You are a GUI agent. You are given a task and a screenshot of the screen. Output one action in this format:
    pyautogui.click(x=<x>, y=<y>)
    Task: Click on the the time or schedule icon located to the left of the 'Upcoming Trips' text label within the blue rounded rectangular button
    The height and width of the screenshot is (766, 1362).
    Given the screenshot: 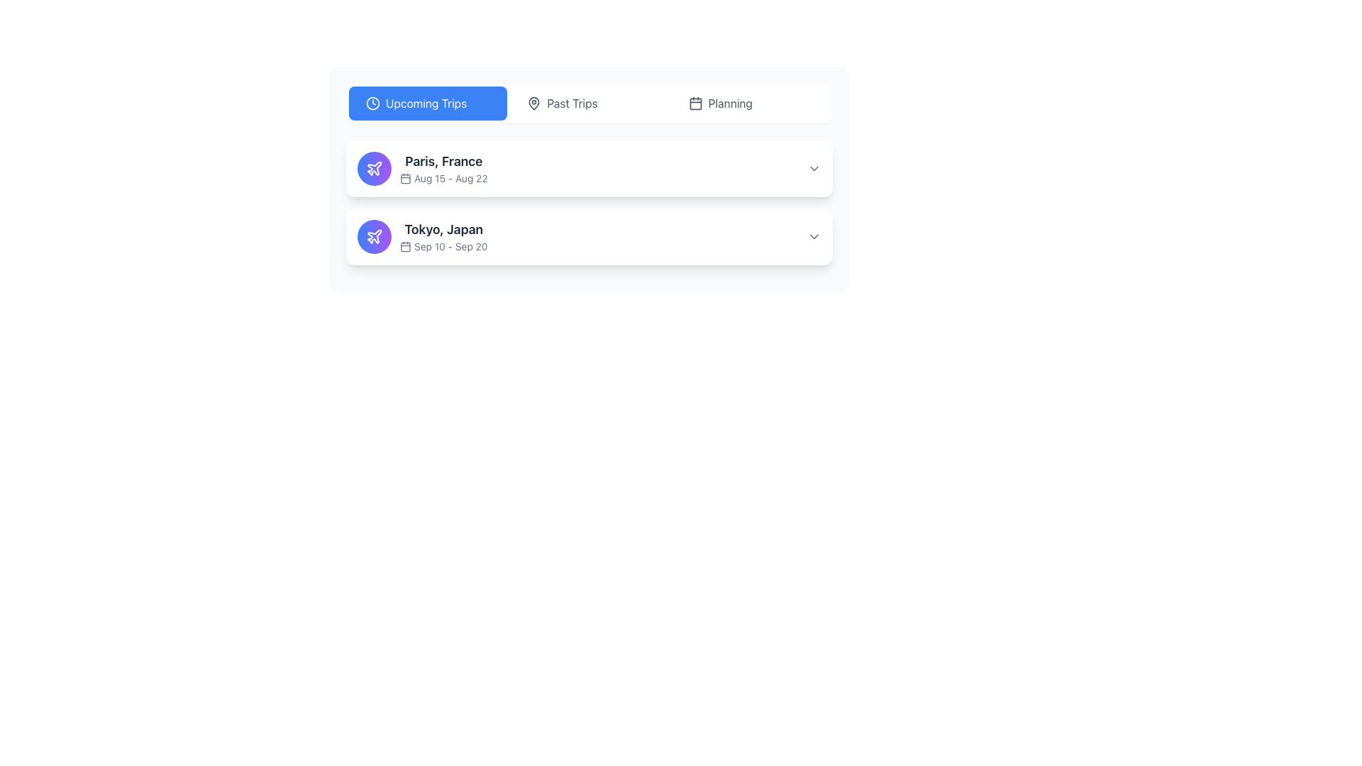 What is the action you would take?
    pyautogui.click(x=373, y=103)
    